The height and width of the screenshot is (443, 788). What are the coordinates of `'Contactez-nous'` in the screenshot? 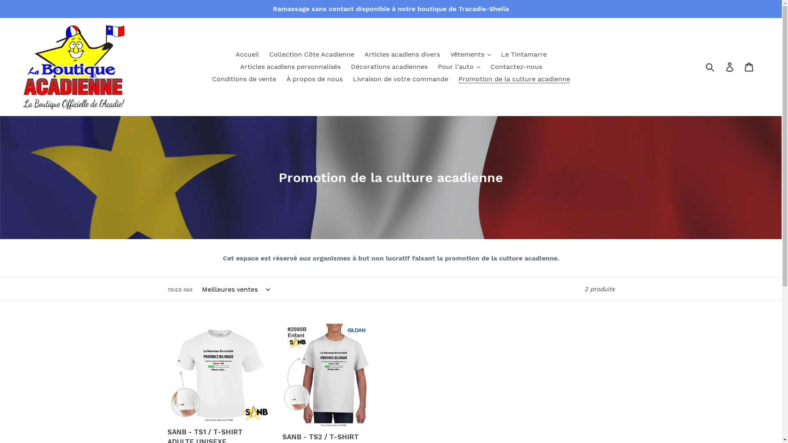 It's located at (515, 66).